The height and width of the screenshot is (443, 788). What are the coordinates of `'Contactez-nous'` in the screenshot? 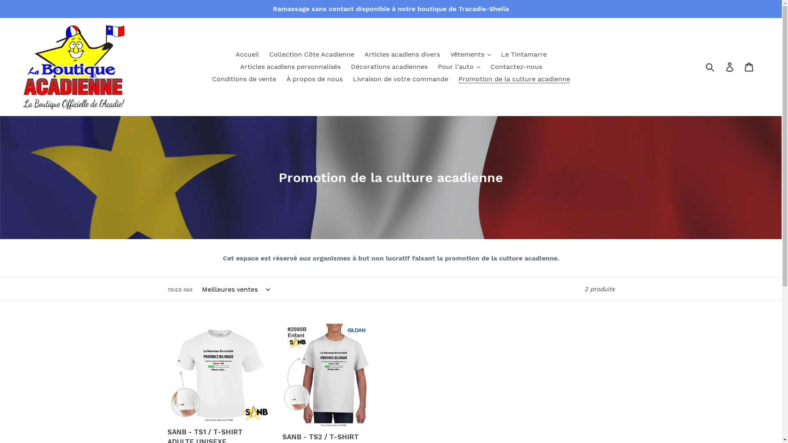 It's located at (515, 66).